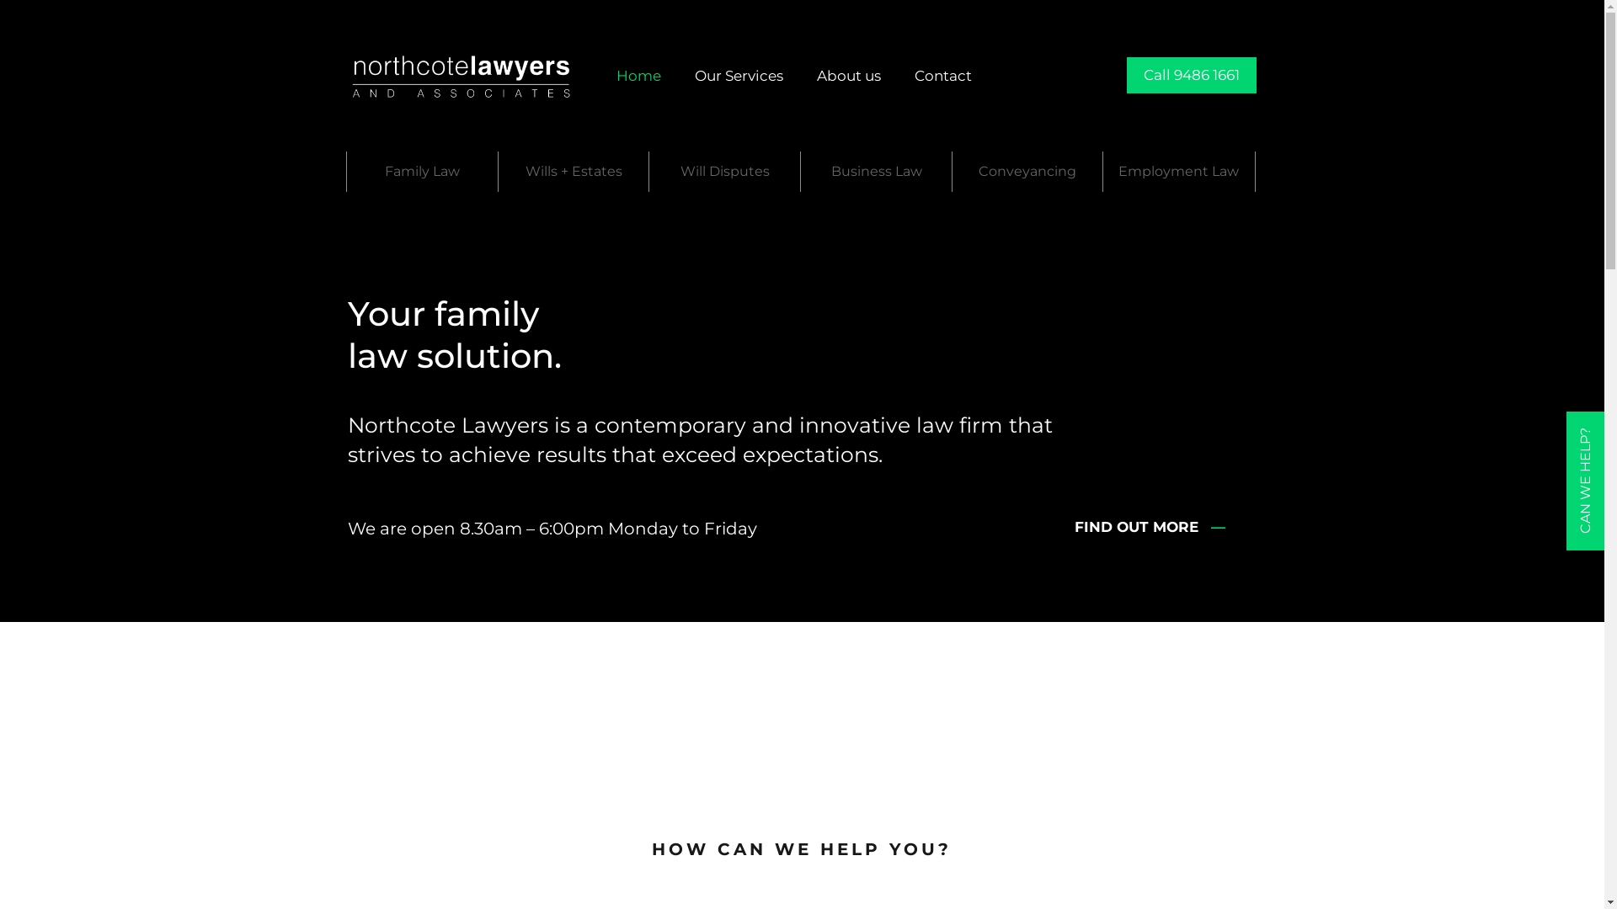 The width and height of the screenshot is (1617, 909). I want to click on 'Contact', so click(942, 74).